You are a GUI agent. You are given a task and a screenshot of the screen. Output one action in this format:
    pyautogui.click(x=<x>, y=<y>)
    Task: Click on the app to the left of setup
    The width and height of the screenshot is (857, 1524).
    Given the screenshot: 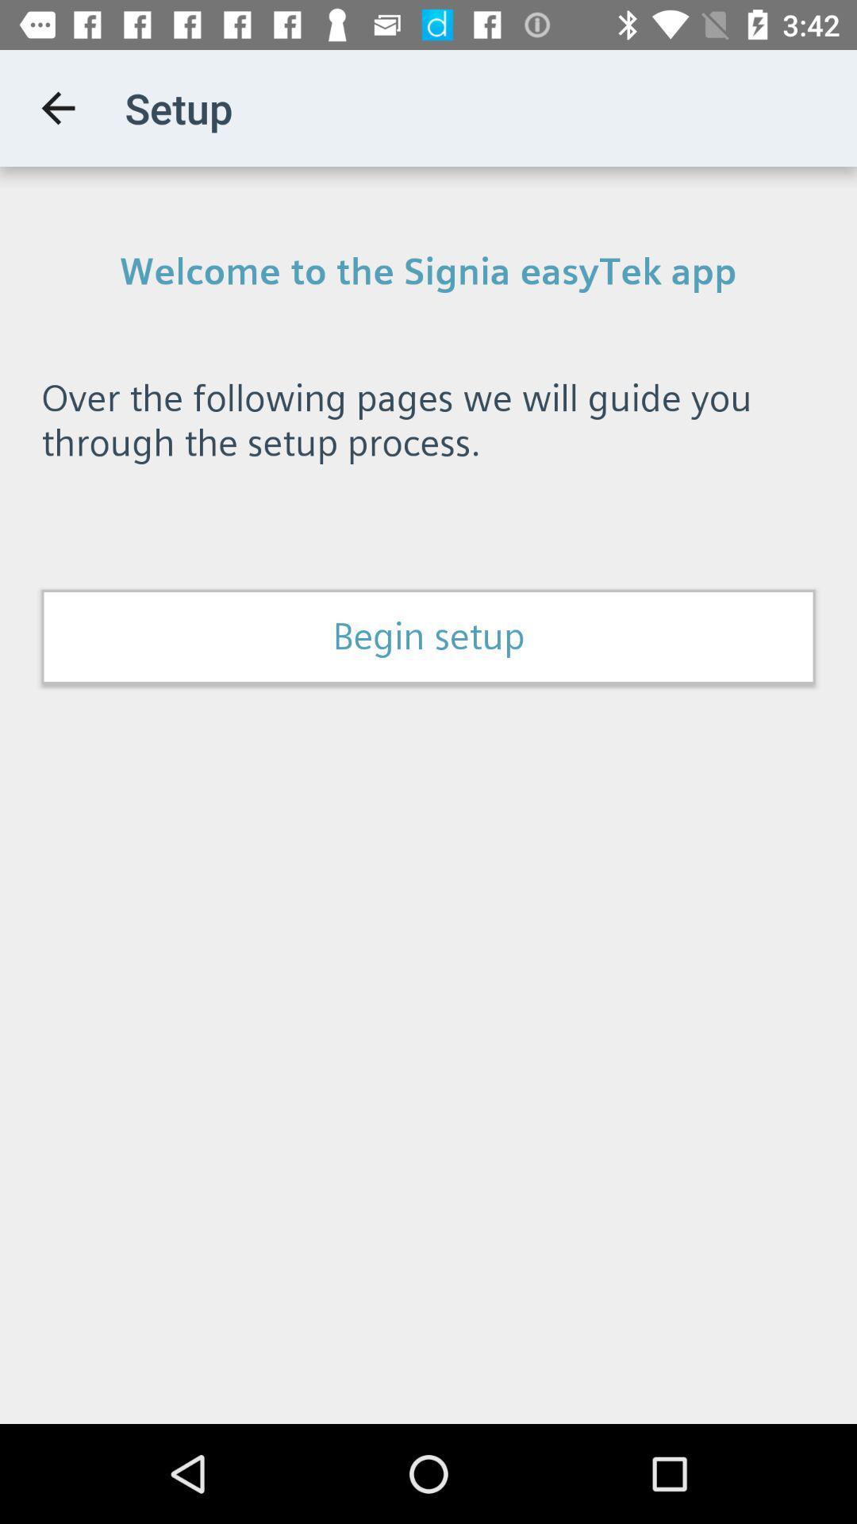 What is the action you would take?
    pyautogui.click(x=57, y=107)
    